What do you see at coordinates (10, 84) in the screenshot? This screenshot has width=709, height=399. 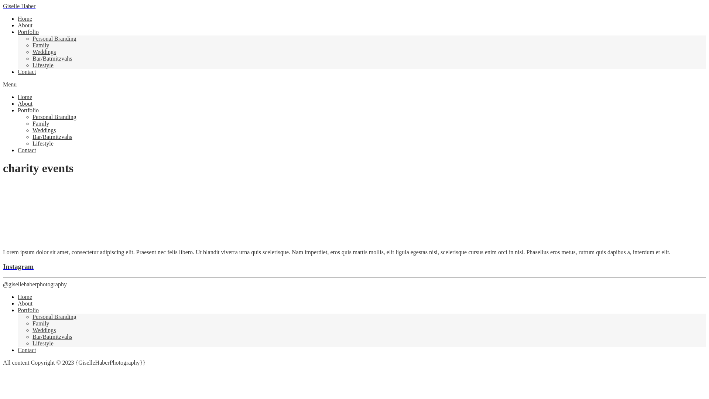 I see `'Menu'` at bounding box center [10, 84].